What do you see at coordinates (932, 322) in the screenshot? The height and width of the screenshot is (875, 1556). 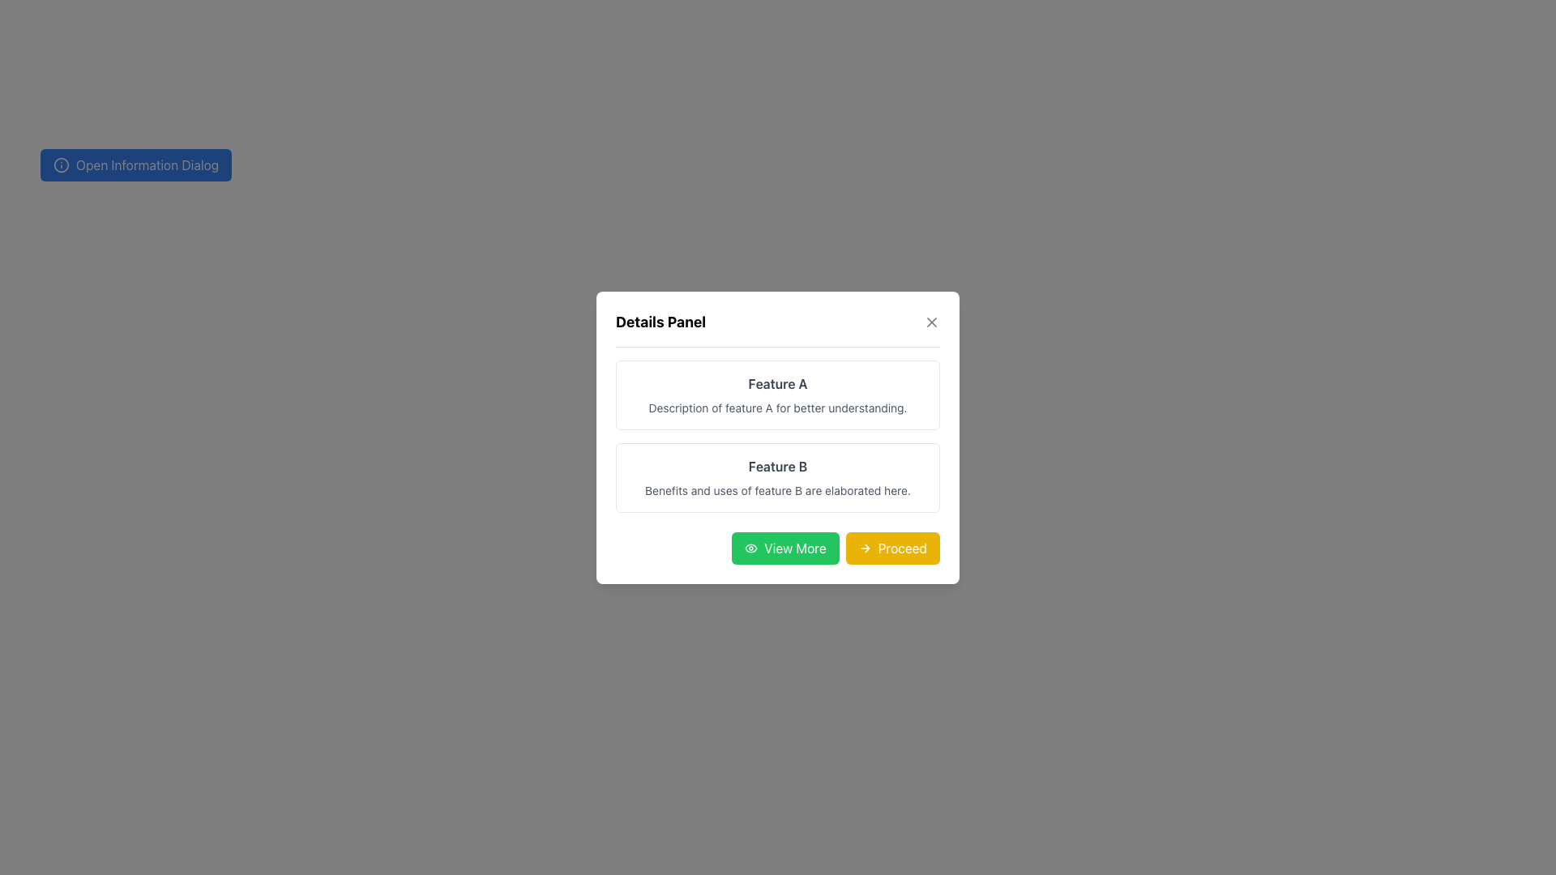 I see `the close button located at the top-right corner of the 'Details Panel' modal to change its color` at bounding box center [932, 322].